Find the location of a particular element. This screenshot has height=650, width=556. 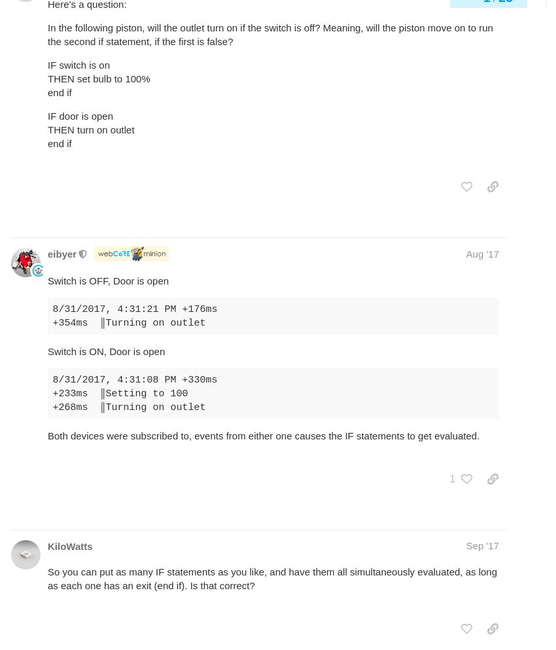

'IF door is open' is located at coordinates (79, 116).